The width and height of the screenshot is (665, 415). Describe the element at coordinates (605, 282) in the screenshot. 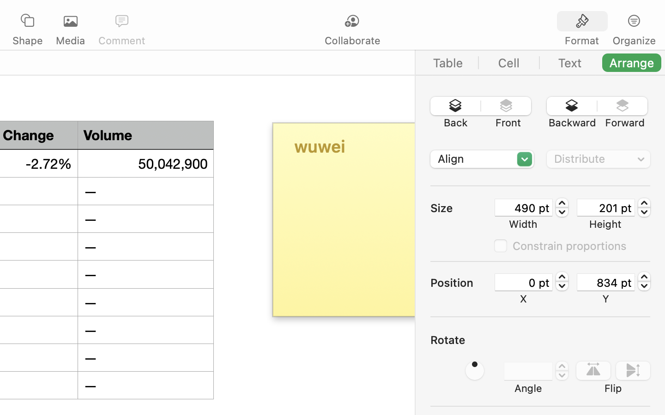

I see `'834 pt'` at that location.